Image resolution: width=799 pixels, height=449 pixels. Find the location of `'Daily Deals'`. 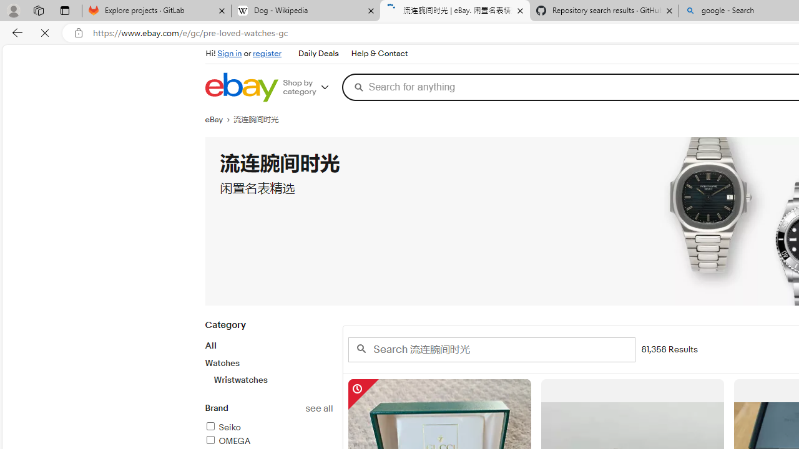

'Daily Deals' is located at coordinates (318, 53).